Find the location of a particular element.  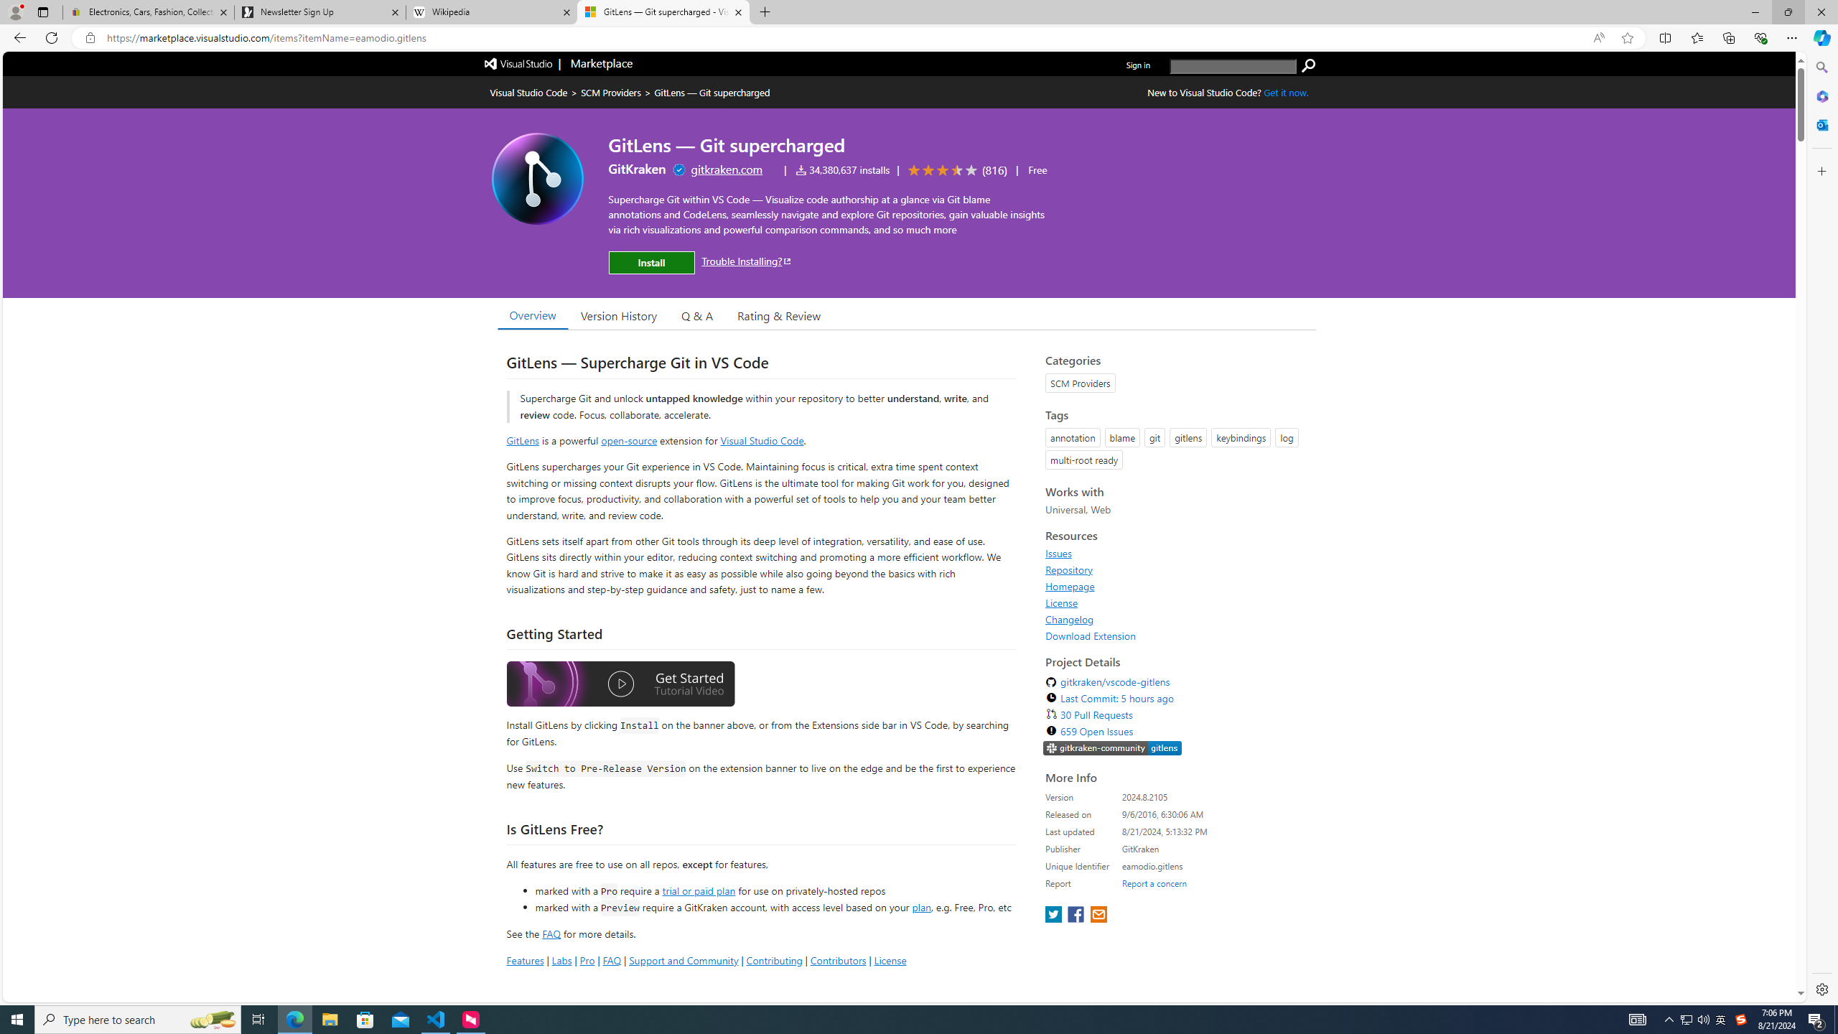

'Newsletter Sign Up' is located at coordinates (319, 11).